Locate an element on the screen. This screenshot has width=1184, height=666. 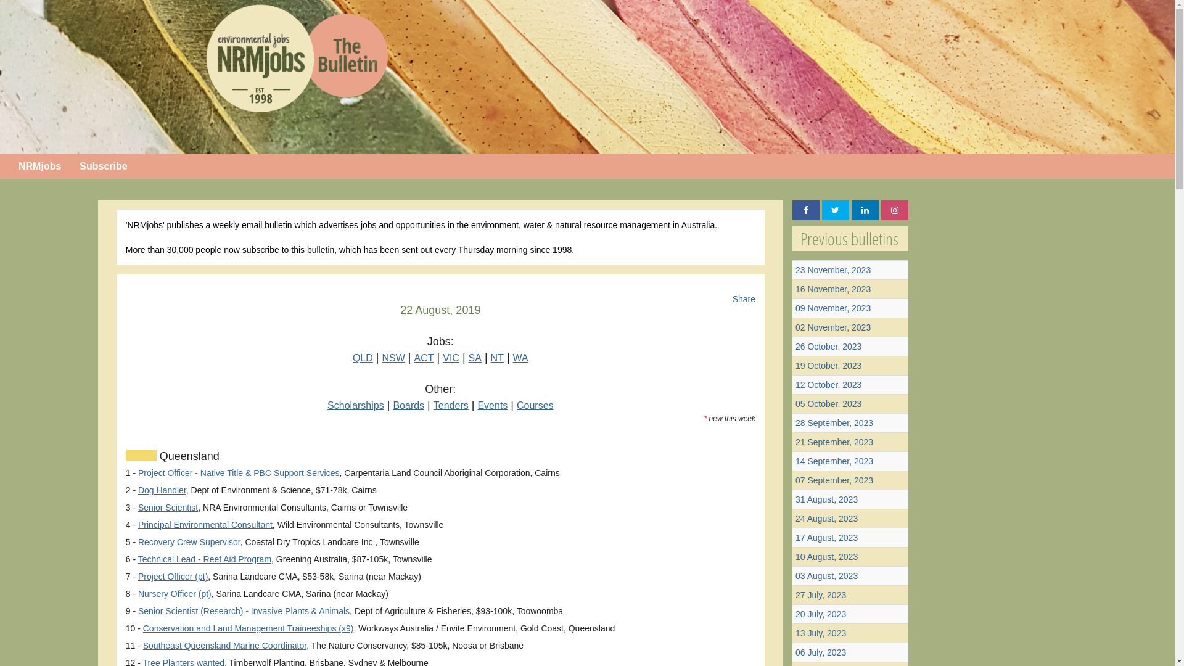
'Courses' is located at coordinates (517, 405).